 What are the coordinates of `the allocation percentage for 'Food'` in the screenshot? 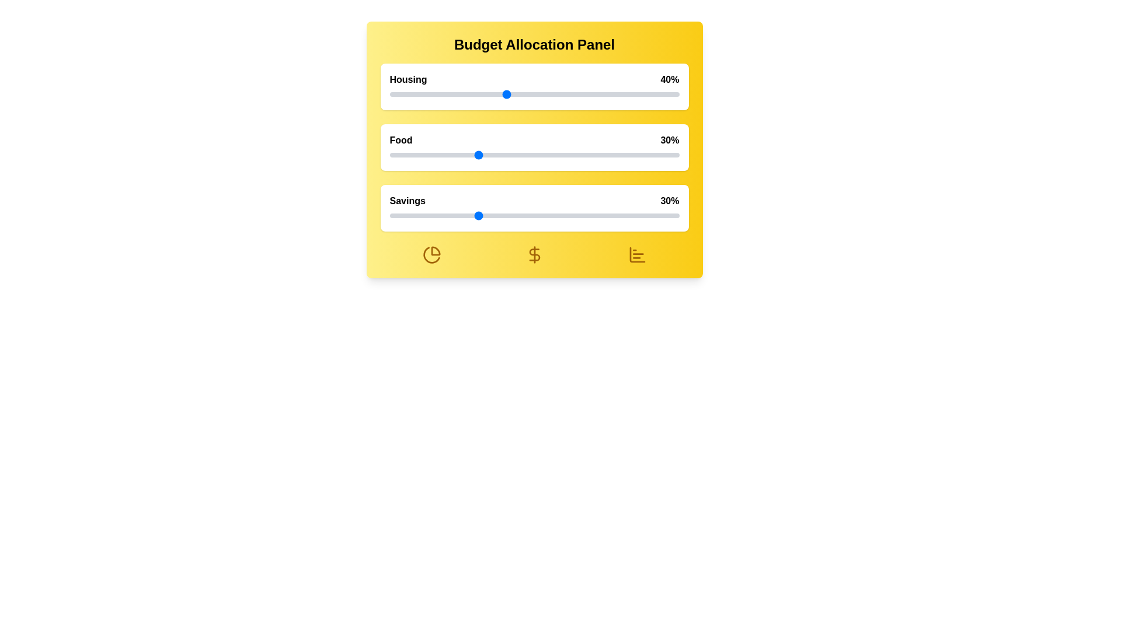 It's located at (519, 155).